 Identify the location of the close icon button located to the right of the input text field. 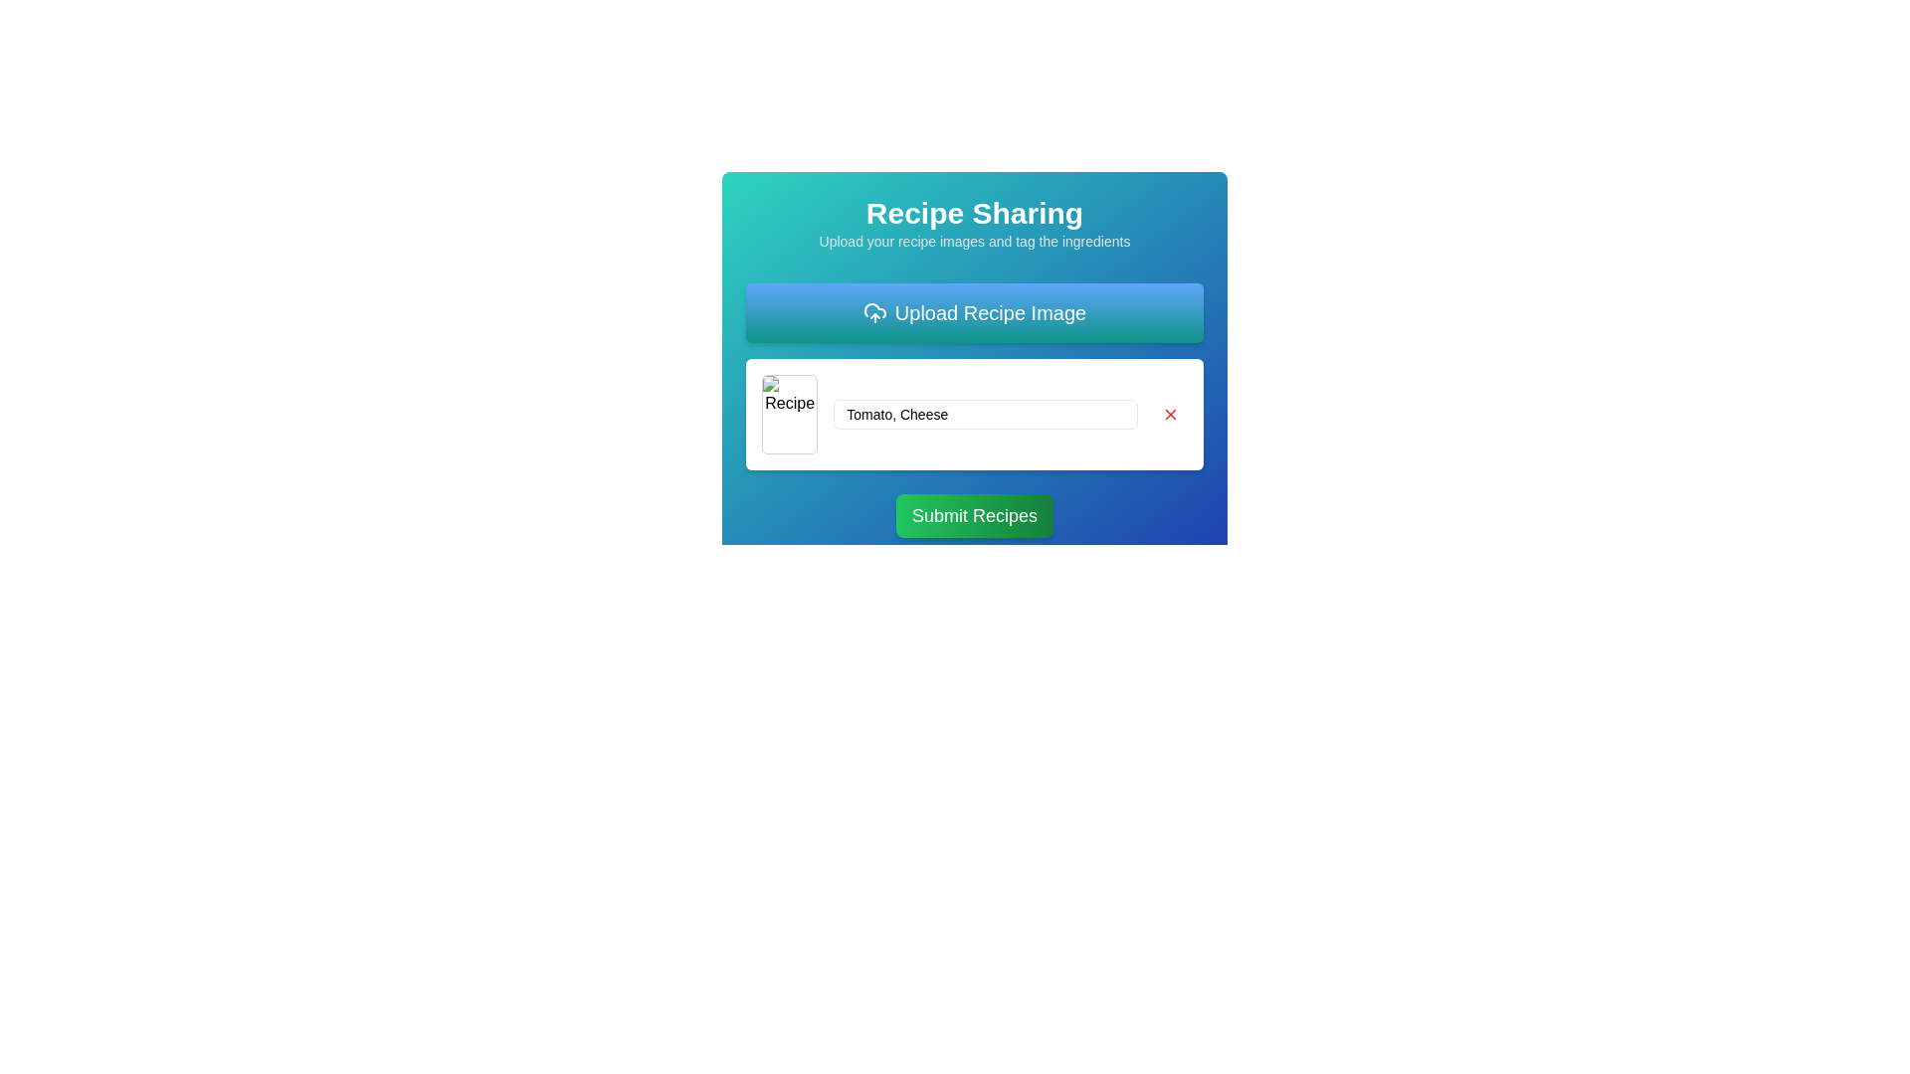
(1170, 413).